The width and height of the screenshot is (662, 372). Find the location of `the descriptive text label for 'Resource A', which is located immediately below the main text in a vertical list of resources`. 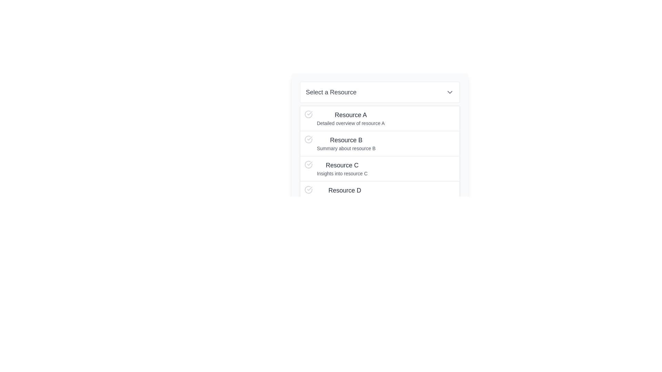

the descriptive text label for 'Resource A', which is located immediately below the main text in a vertical list of resources is located at coordinates (351, 123).